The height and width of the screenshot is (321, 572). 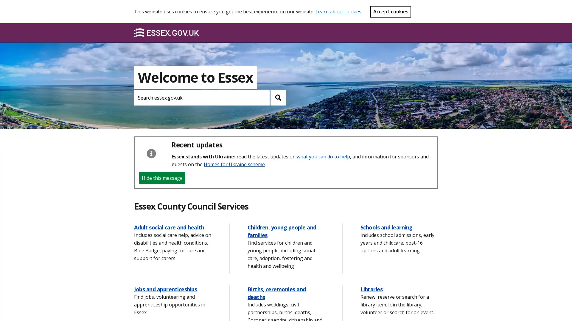 What do you see at coordinates (338, 11) in the screenshot?
I see `learn about cookies` at bounding box center [338, 11].